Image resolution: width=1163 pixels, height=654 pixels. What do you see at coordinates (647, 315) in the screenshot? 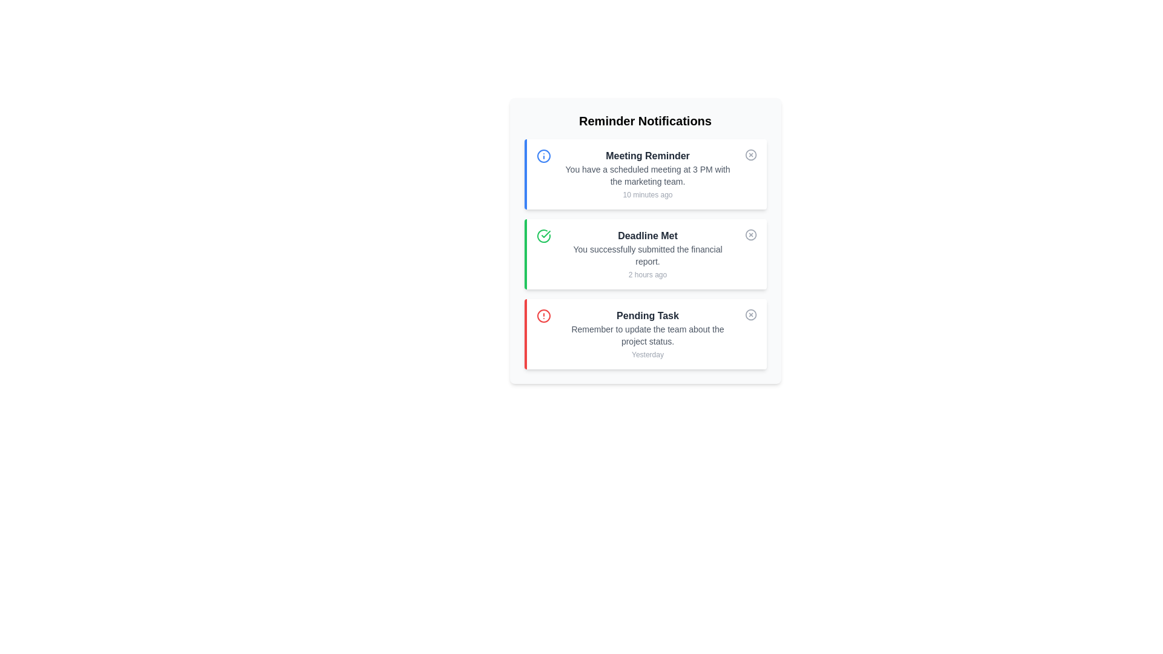
I see `the title Text Label of the last notification card in the notification interface, which identifies a pending task` at bounding box center [647, 315].